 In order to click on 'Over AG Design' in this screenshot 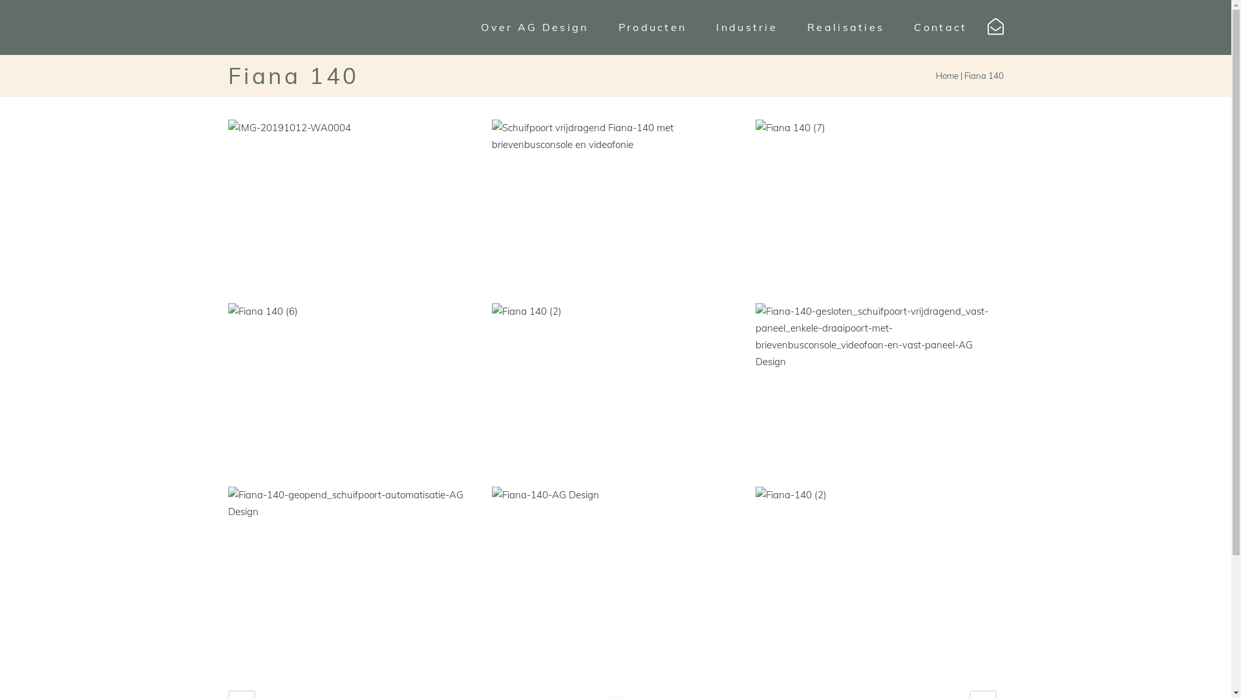, I will do `click(534, 27)`.